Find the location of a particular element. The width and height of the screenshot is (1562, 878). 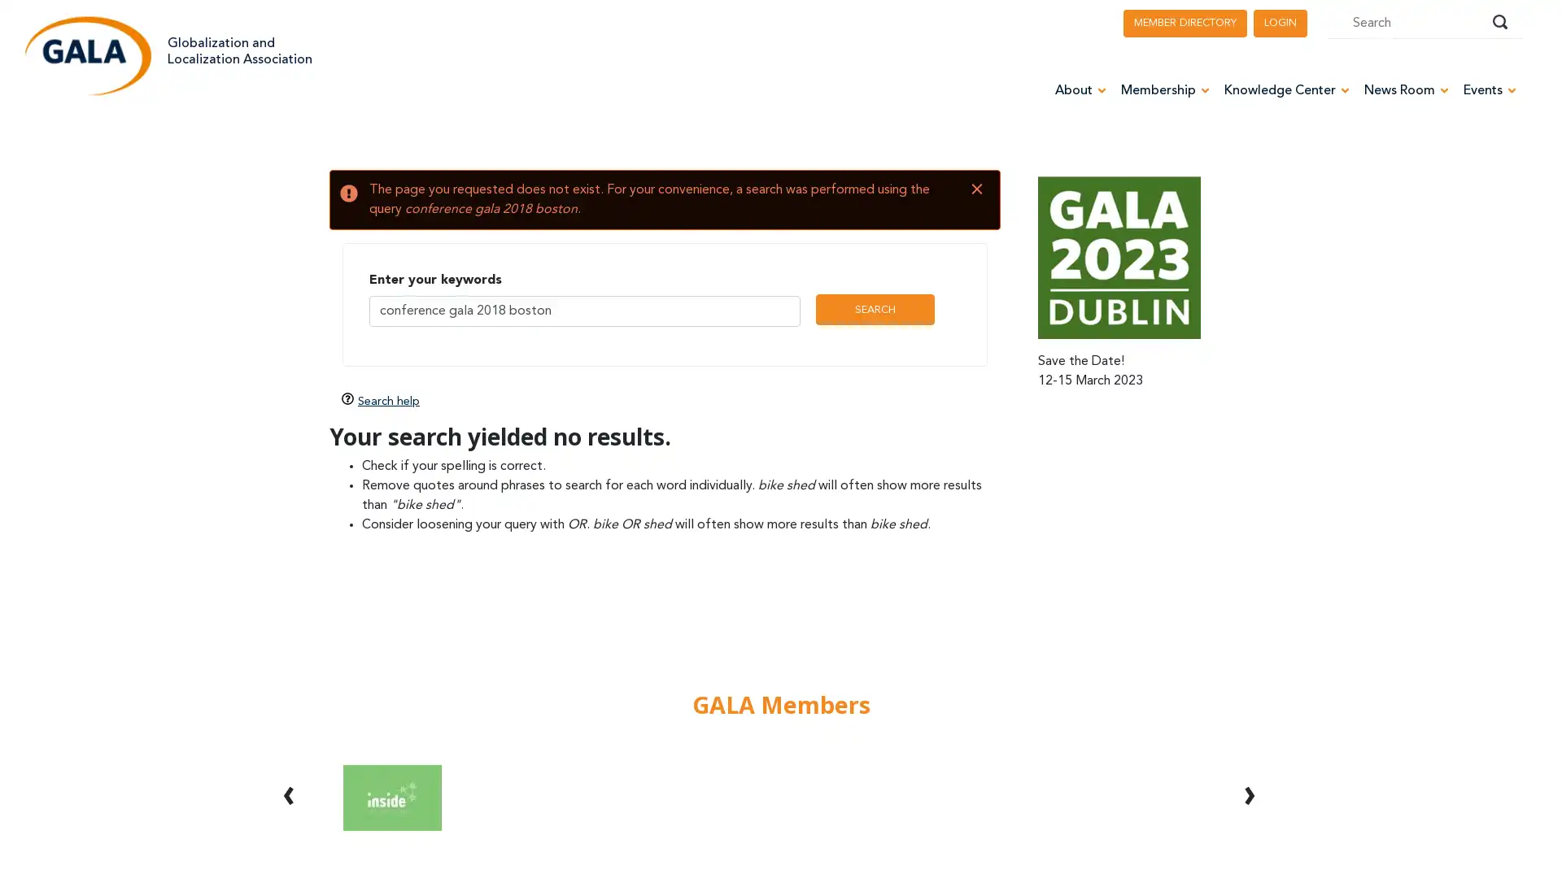

SEARCH is located at coordinates (874, 310).